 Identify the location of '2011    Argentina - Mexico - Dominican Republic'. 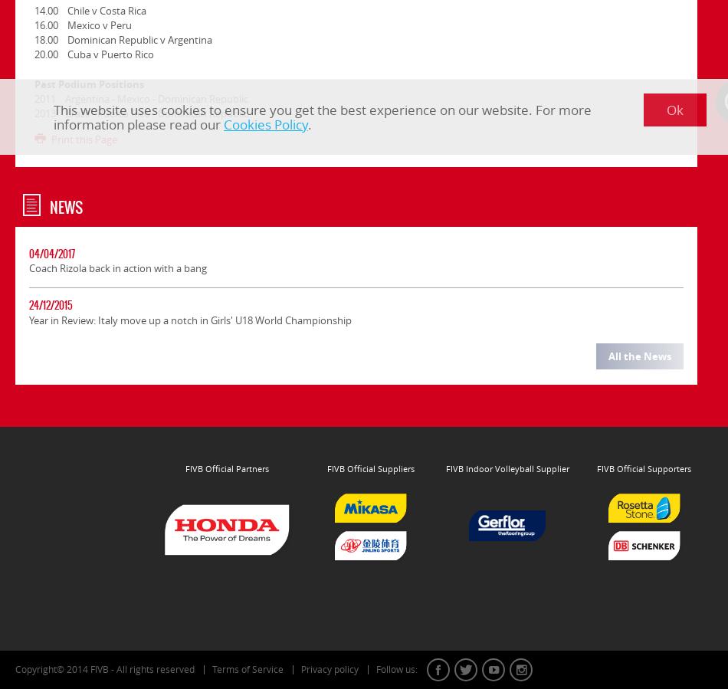
(141, 97).